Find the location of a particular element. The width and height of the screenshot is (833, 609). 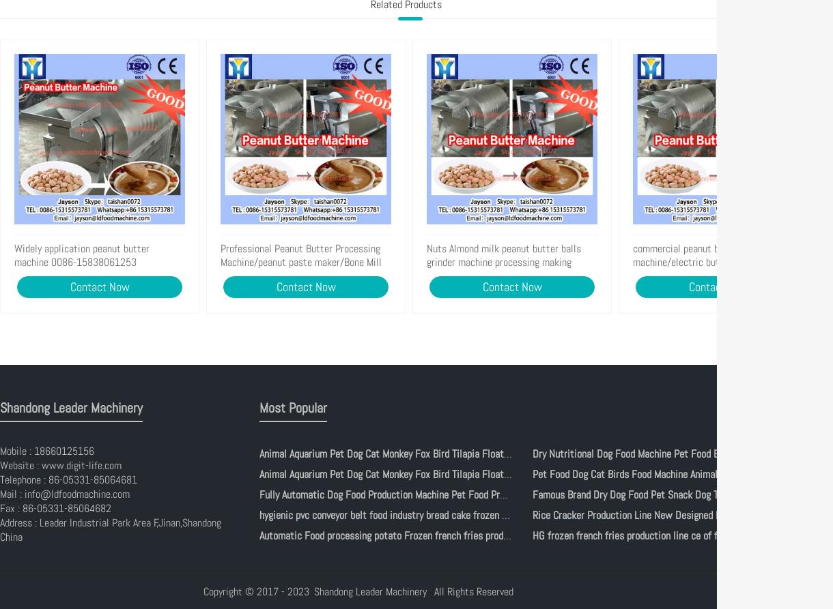

'commercial peanut butter machine/electric butter maker(whats app:0086-15639144594)' is located at coordinates (711, 262).